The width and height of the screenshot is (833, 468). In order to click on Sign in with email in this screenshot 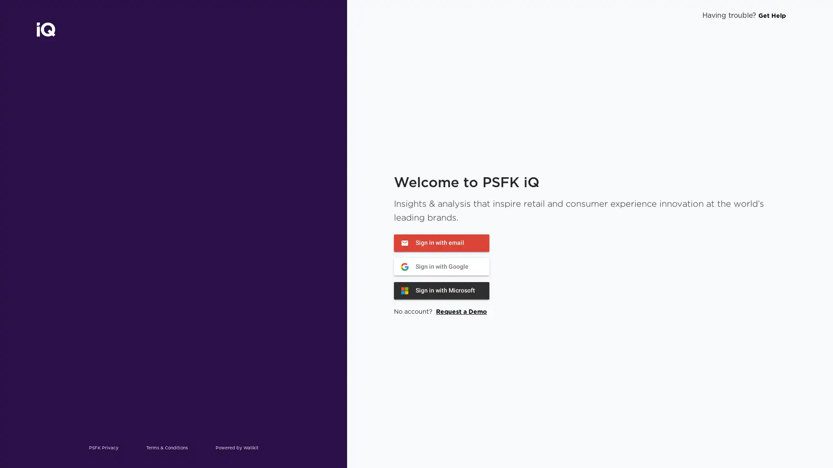, I will do `click(441, 242)`.